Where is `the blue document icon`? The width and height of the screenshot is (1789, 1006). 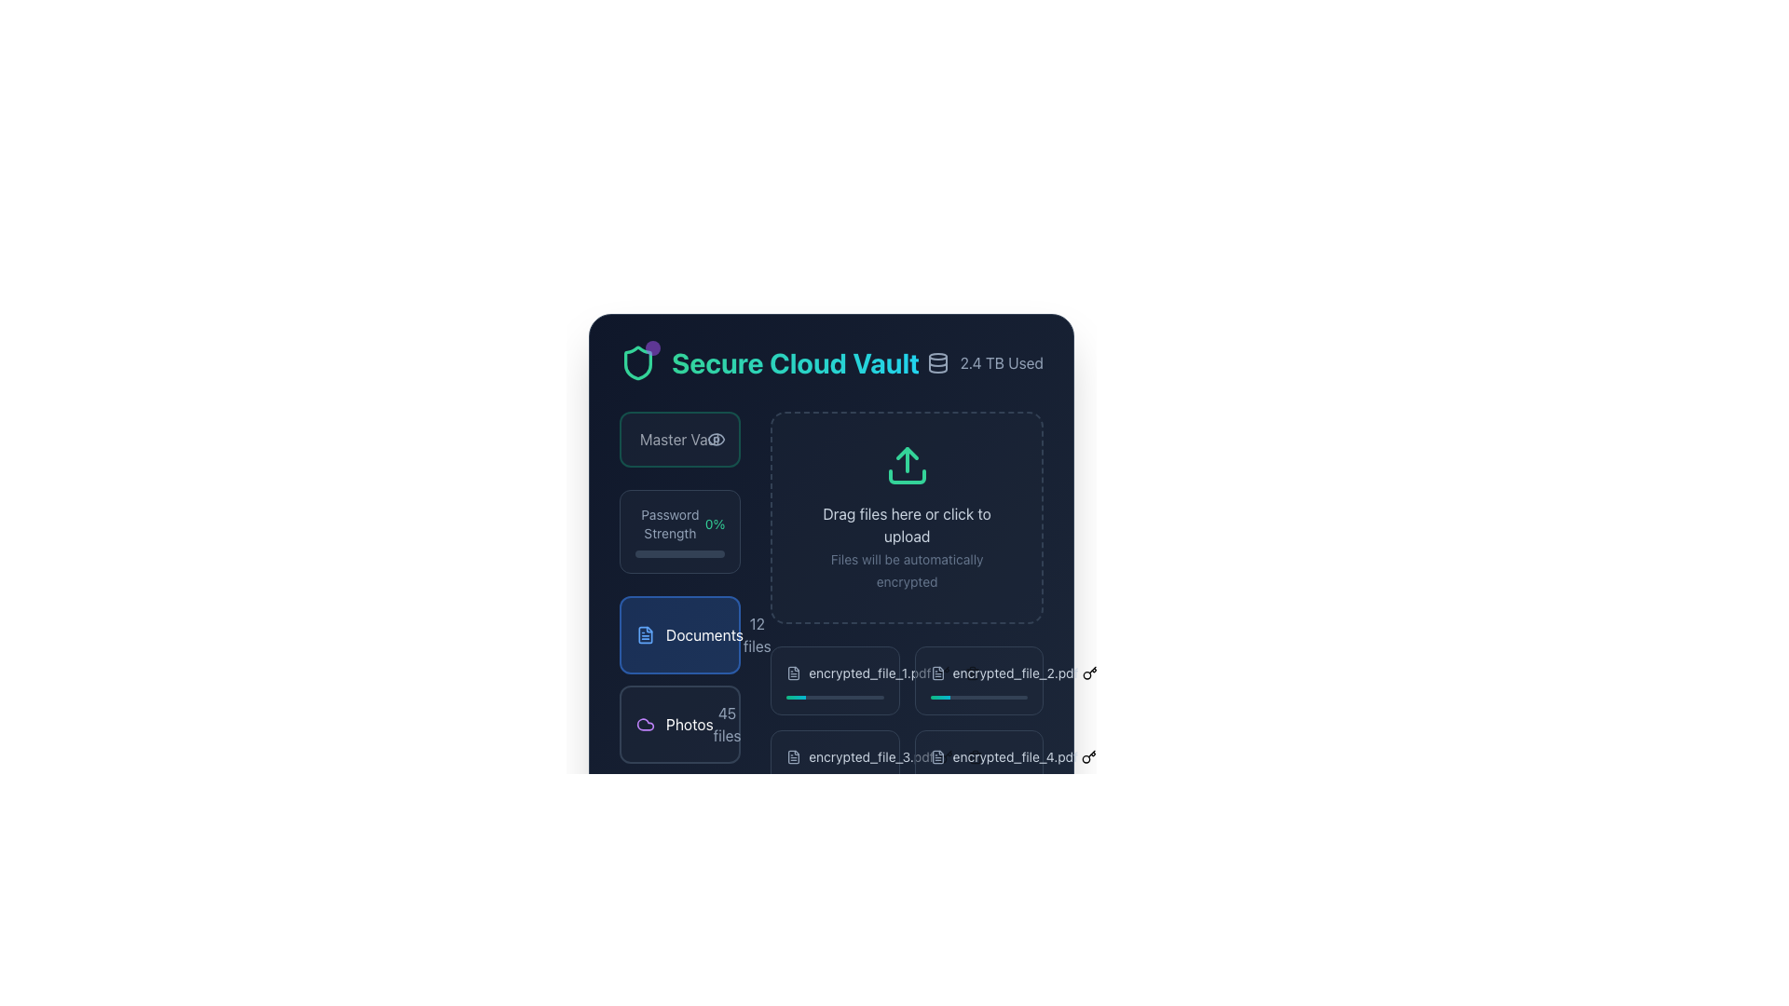
the blue document icon is located at coordinates (645, 634).